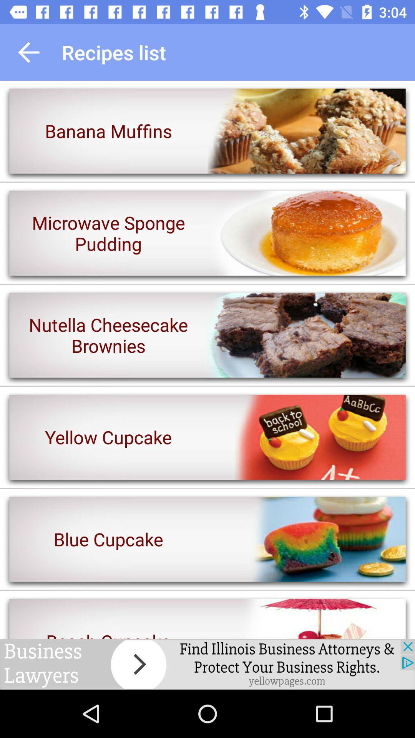 The height and width of the screenshot is (738, 415). Describe the element at coordinates (28, 52) in the screenshot. I see `previous button` at that location.